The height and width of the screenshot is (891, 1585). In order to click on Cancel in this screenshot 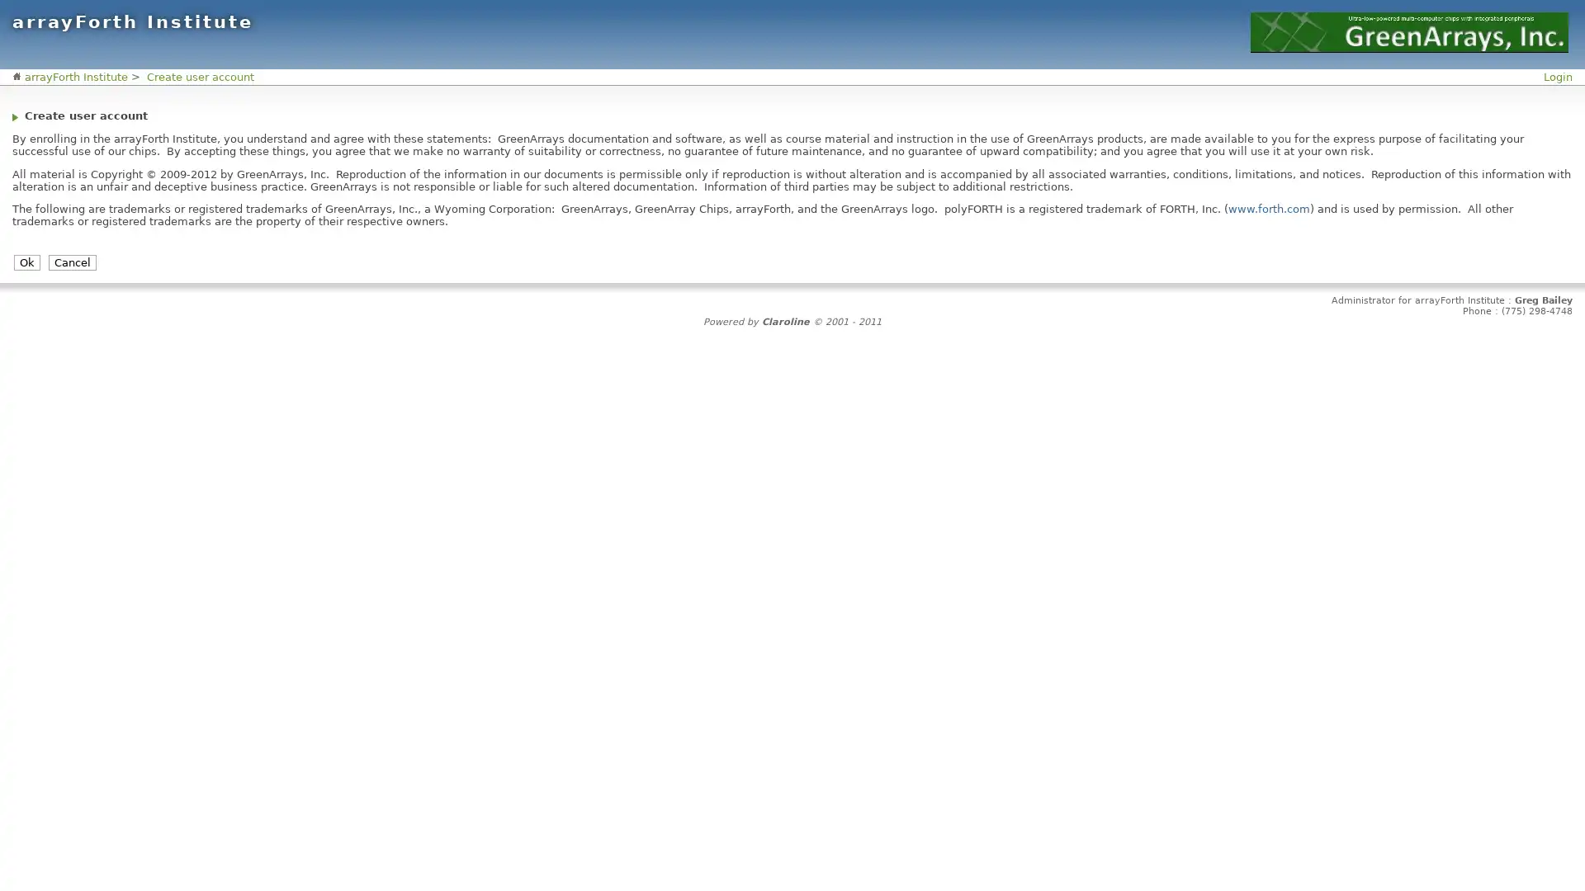, I will do `click(71, 262)`.